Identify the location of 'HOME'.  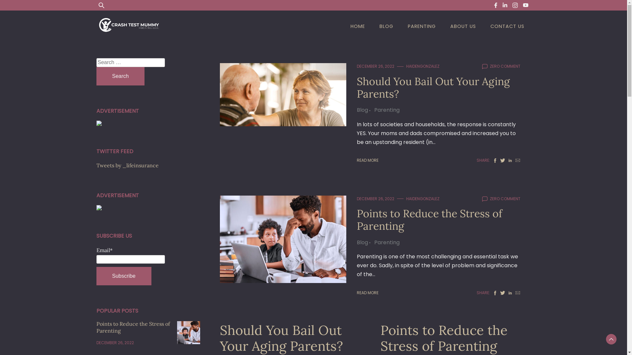
(357, 26).